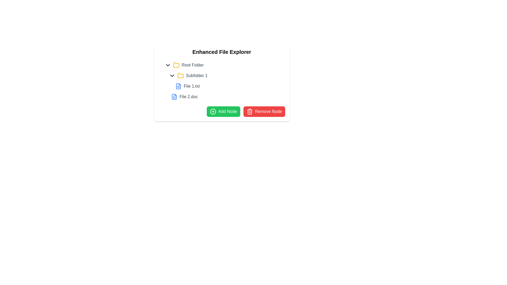 The width and height of the screenshot is (507, 285). Describe the element at coordinates (213, 111) in the screenshot. I see `the green rounded rectangular button labeled 'Add Node' which contains a circular icon with a plus symbol in the center` at that location.